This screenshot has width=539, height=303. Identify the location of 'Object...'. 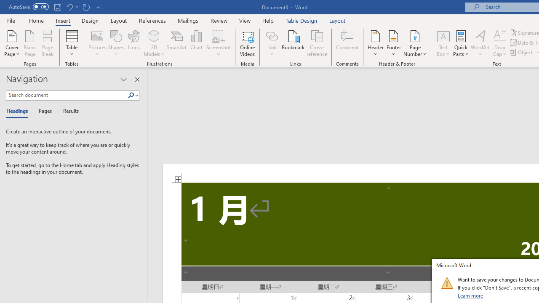
(522, 52).